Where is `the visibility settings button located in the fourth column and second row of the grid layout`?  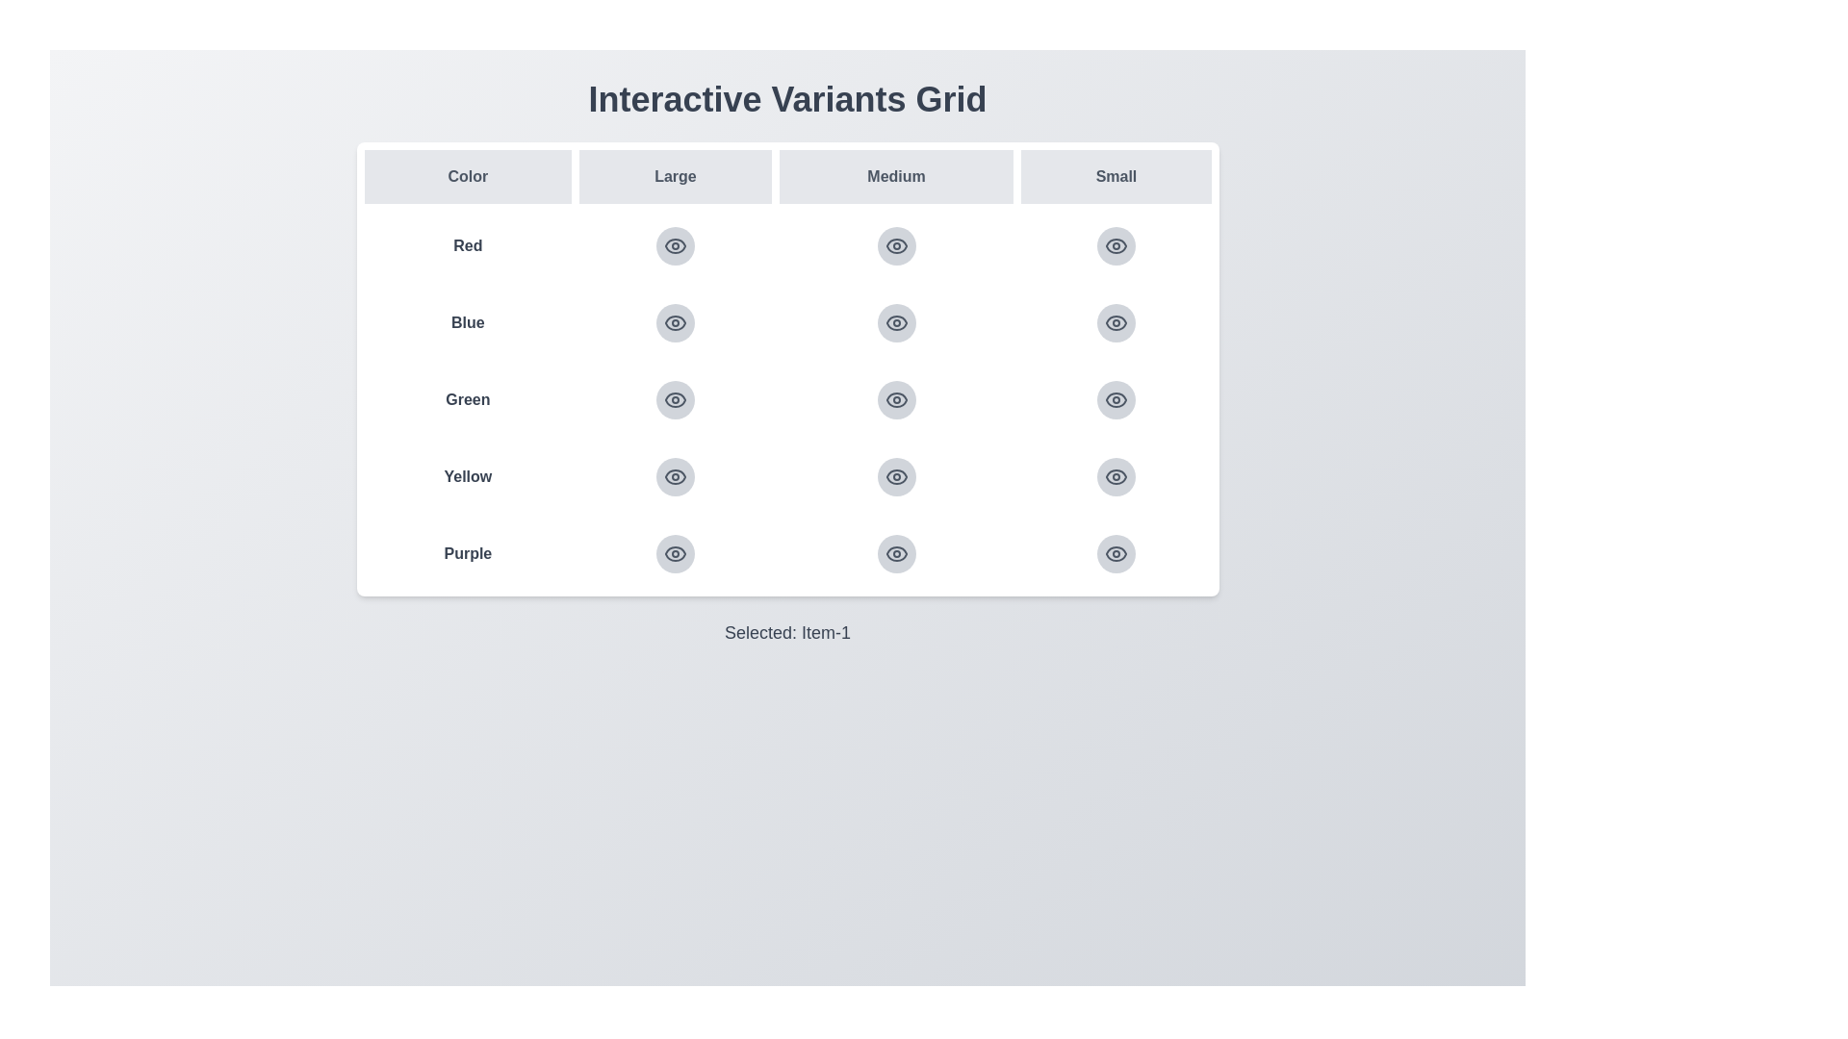
the visibility settings button located in the fourth column and second row of the grid layout is located at coordinates (895, 321).